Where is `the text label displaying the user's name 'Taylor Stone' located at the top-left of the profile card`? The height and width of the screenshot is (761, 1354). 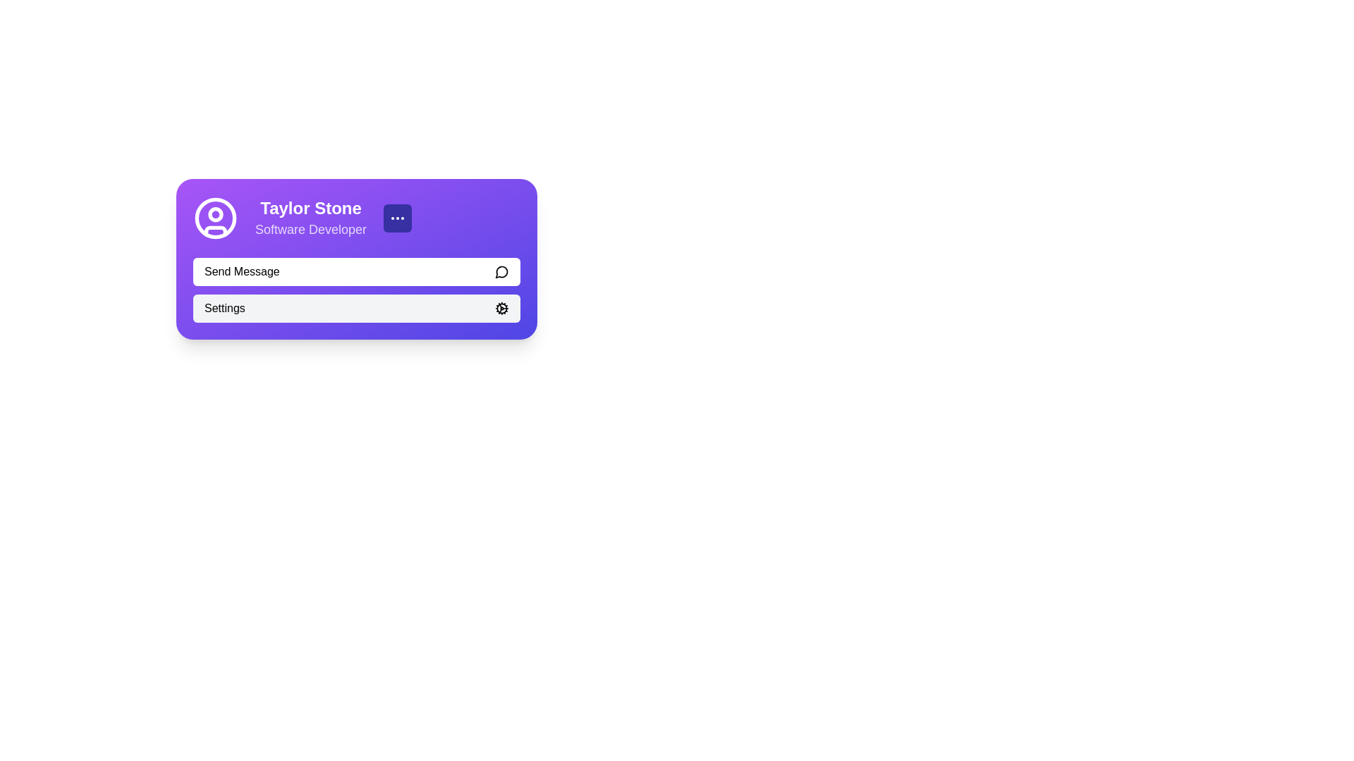 the text label displaying the user's name 'Taylor Stone' located at the top-left of the profile card is located at coordinates (310, 209).